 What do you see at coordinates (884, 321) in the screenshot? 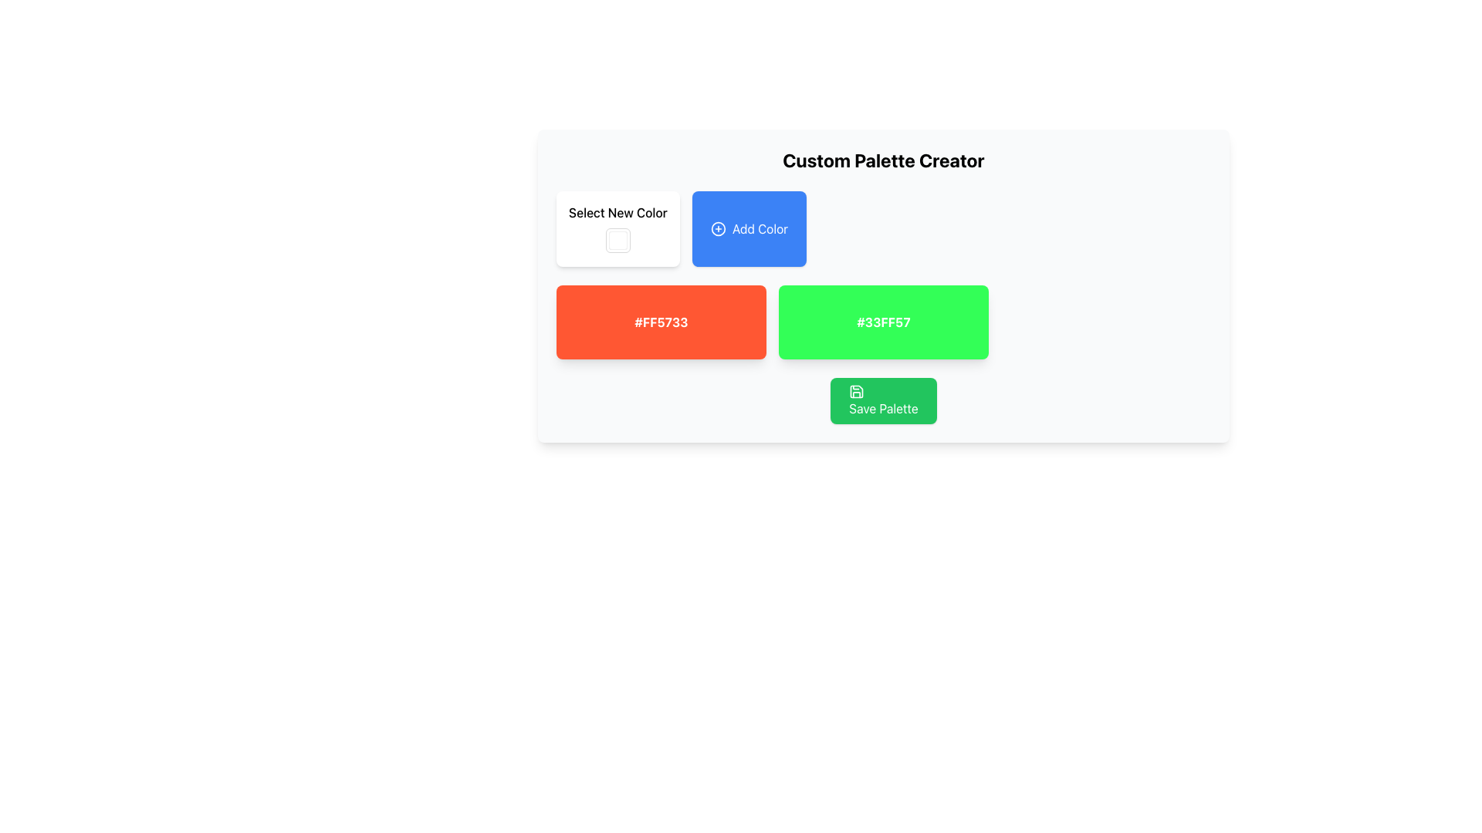
I see `the Color display box that represents the color '#33FF57' in the color palette creation tool` at bounding box center [884, 321].